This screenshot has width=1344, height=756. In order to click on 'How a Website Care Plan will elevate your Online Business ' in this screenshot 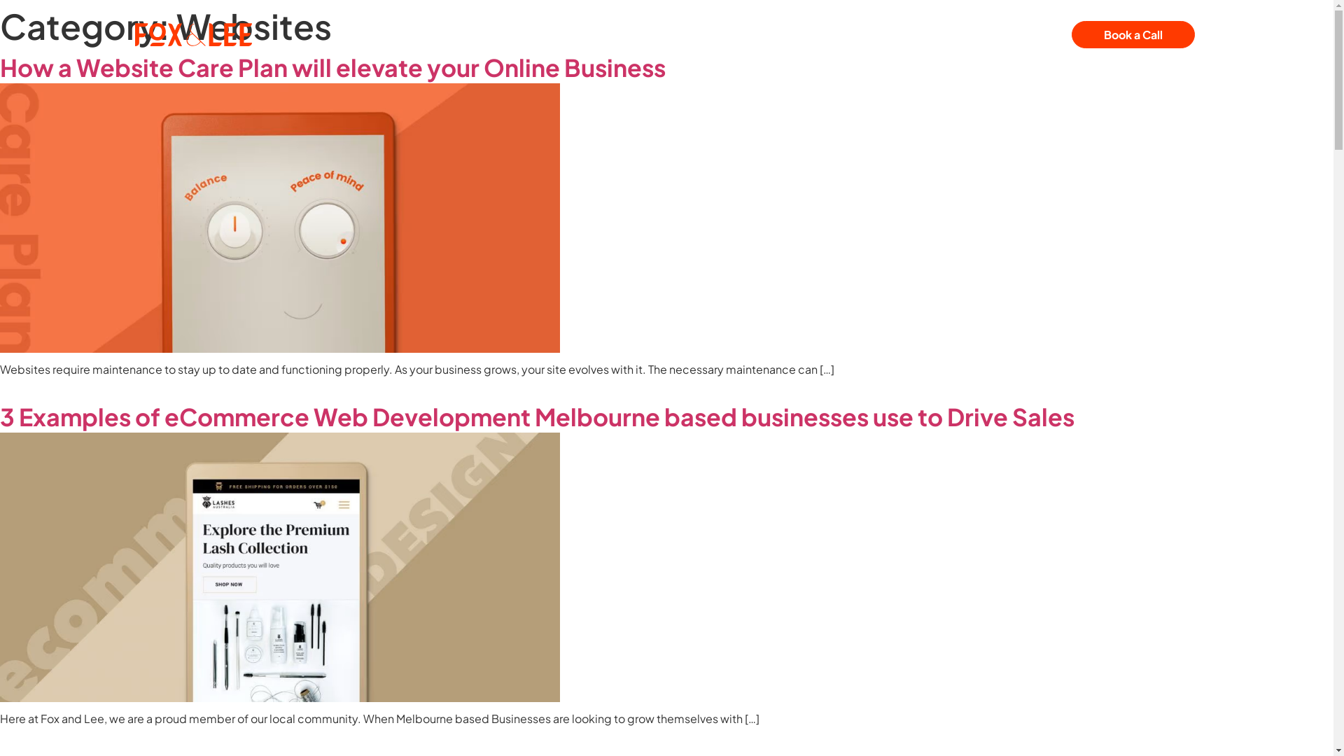, I will do `click(334, 67)`.